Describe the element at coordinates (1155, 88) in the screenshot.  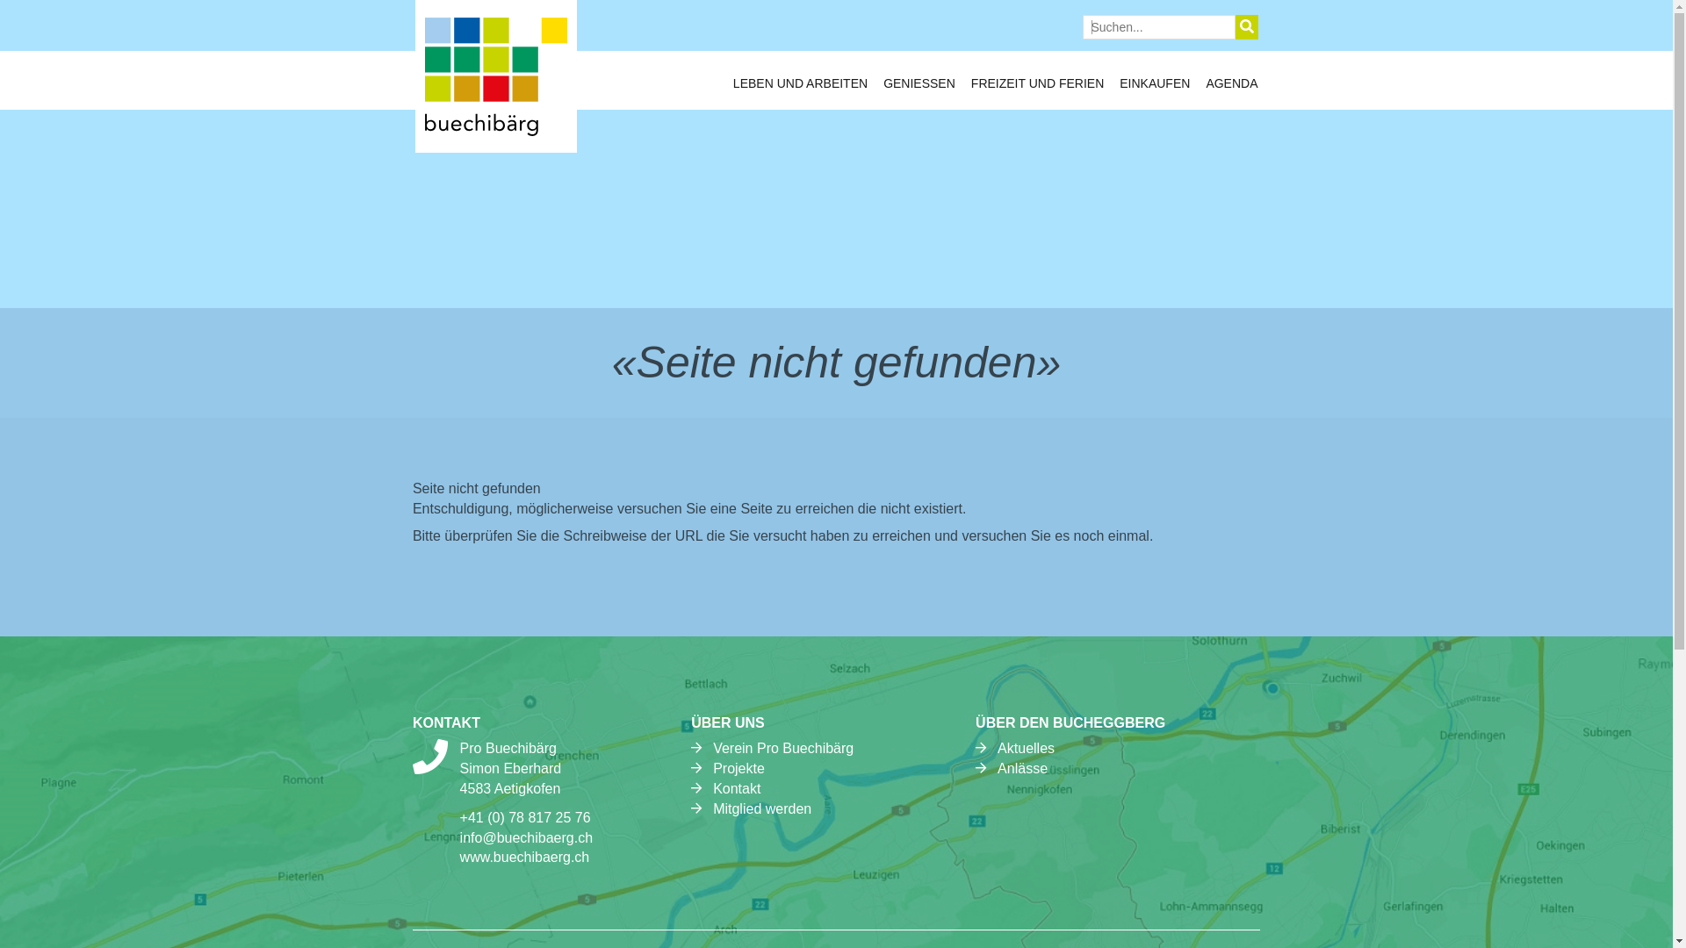
I see `'EINKAUFEN'` at that location.